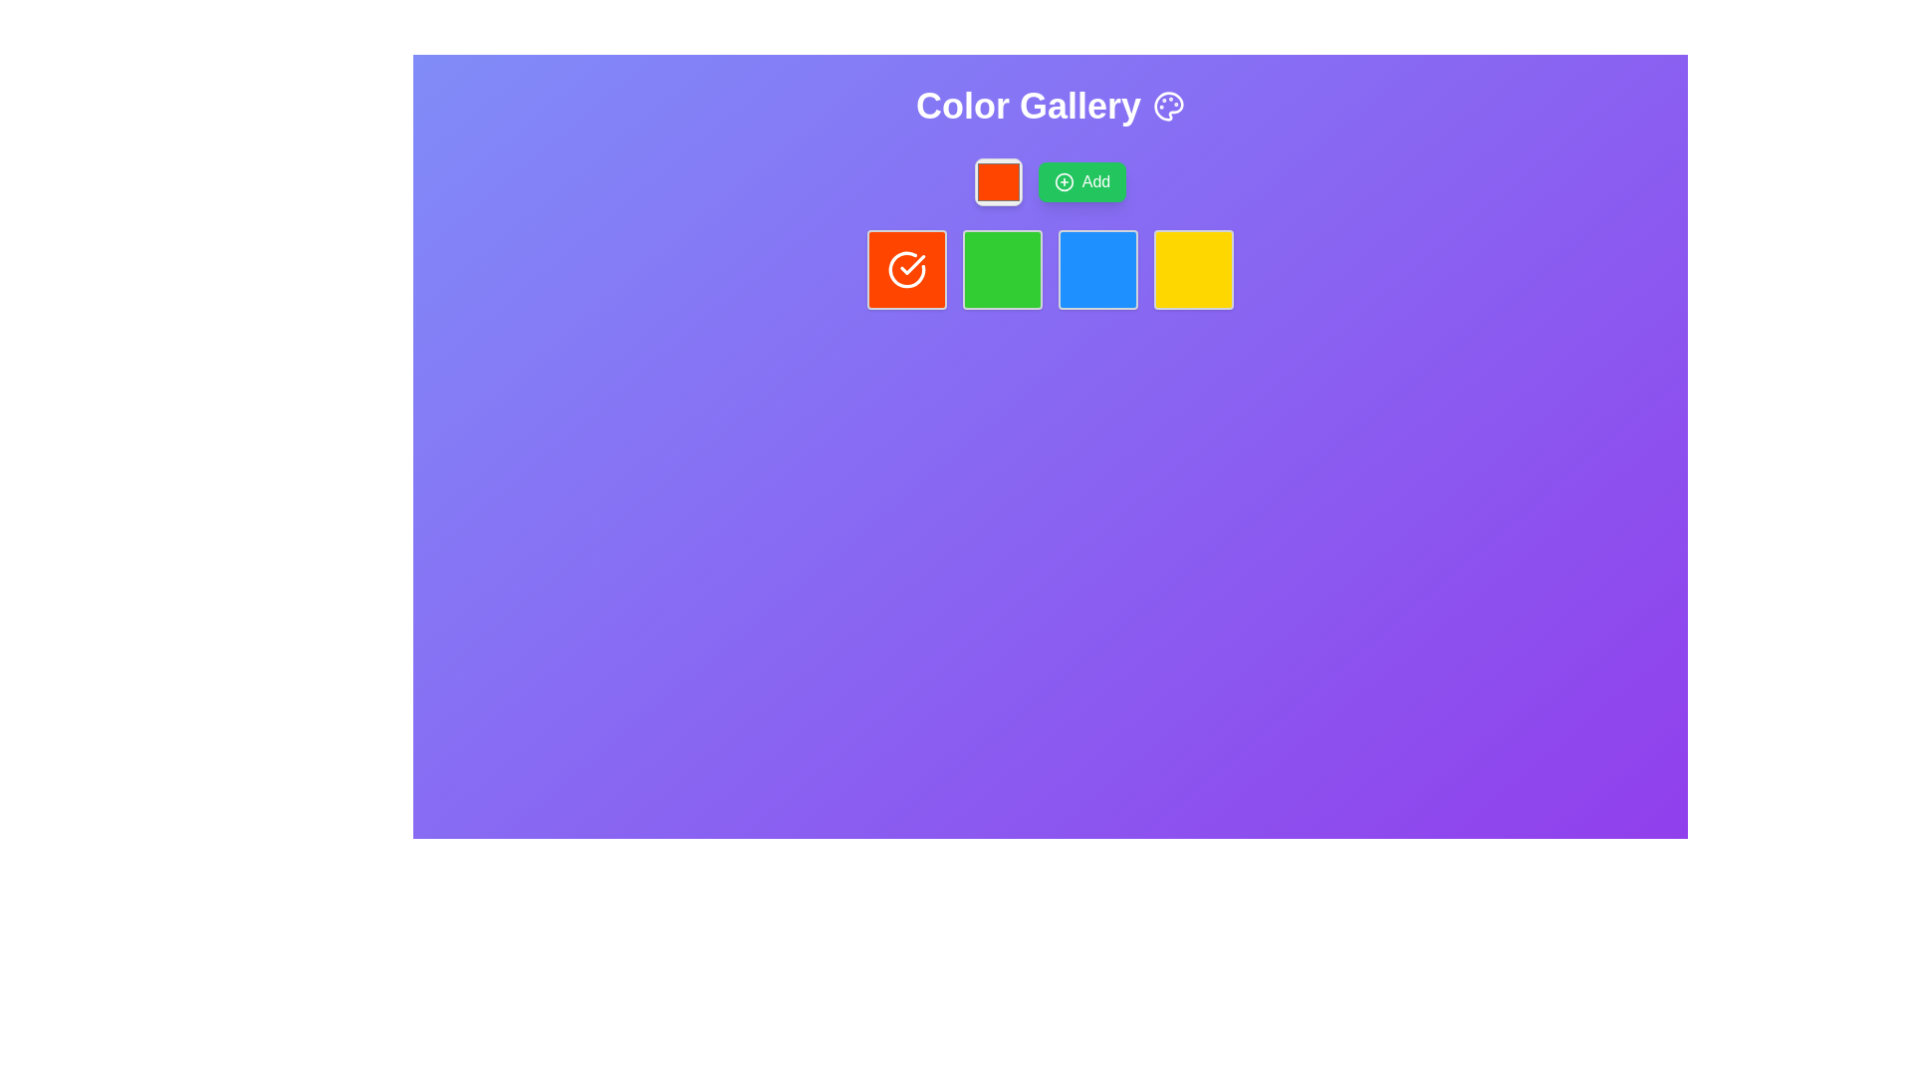  Describe the element at coordinates (1050, 107) in the screenshot. I see `the 'Color Gallery' text label with a painter's palette icon, which is styled in large, bold, white font against a gradient background from indigo to purple` at that location.